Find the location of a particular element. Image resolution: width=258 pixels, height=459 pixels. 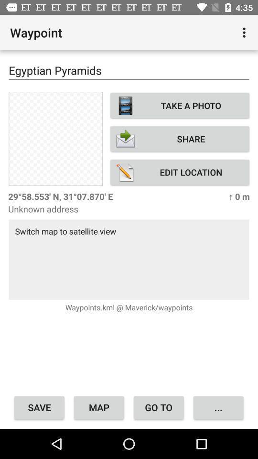

icon above waypoints kml maverick icon is located at coordinates (129, 259).